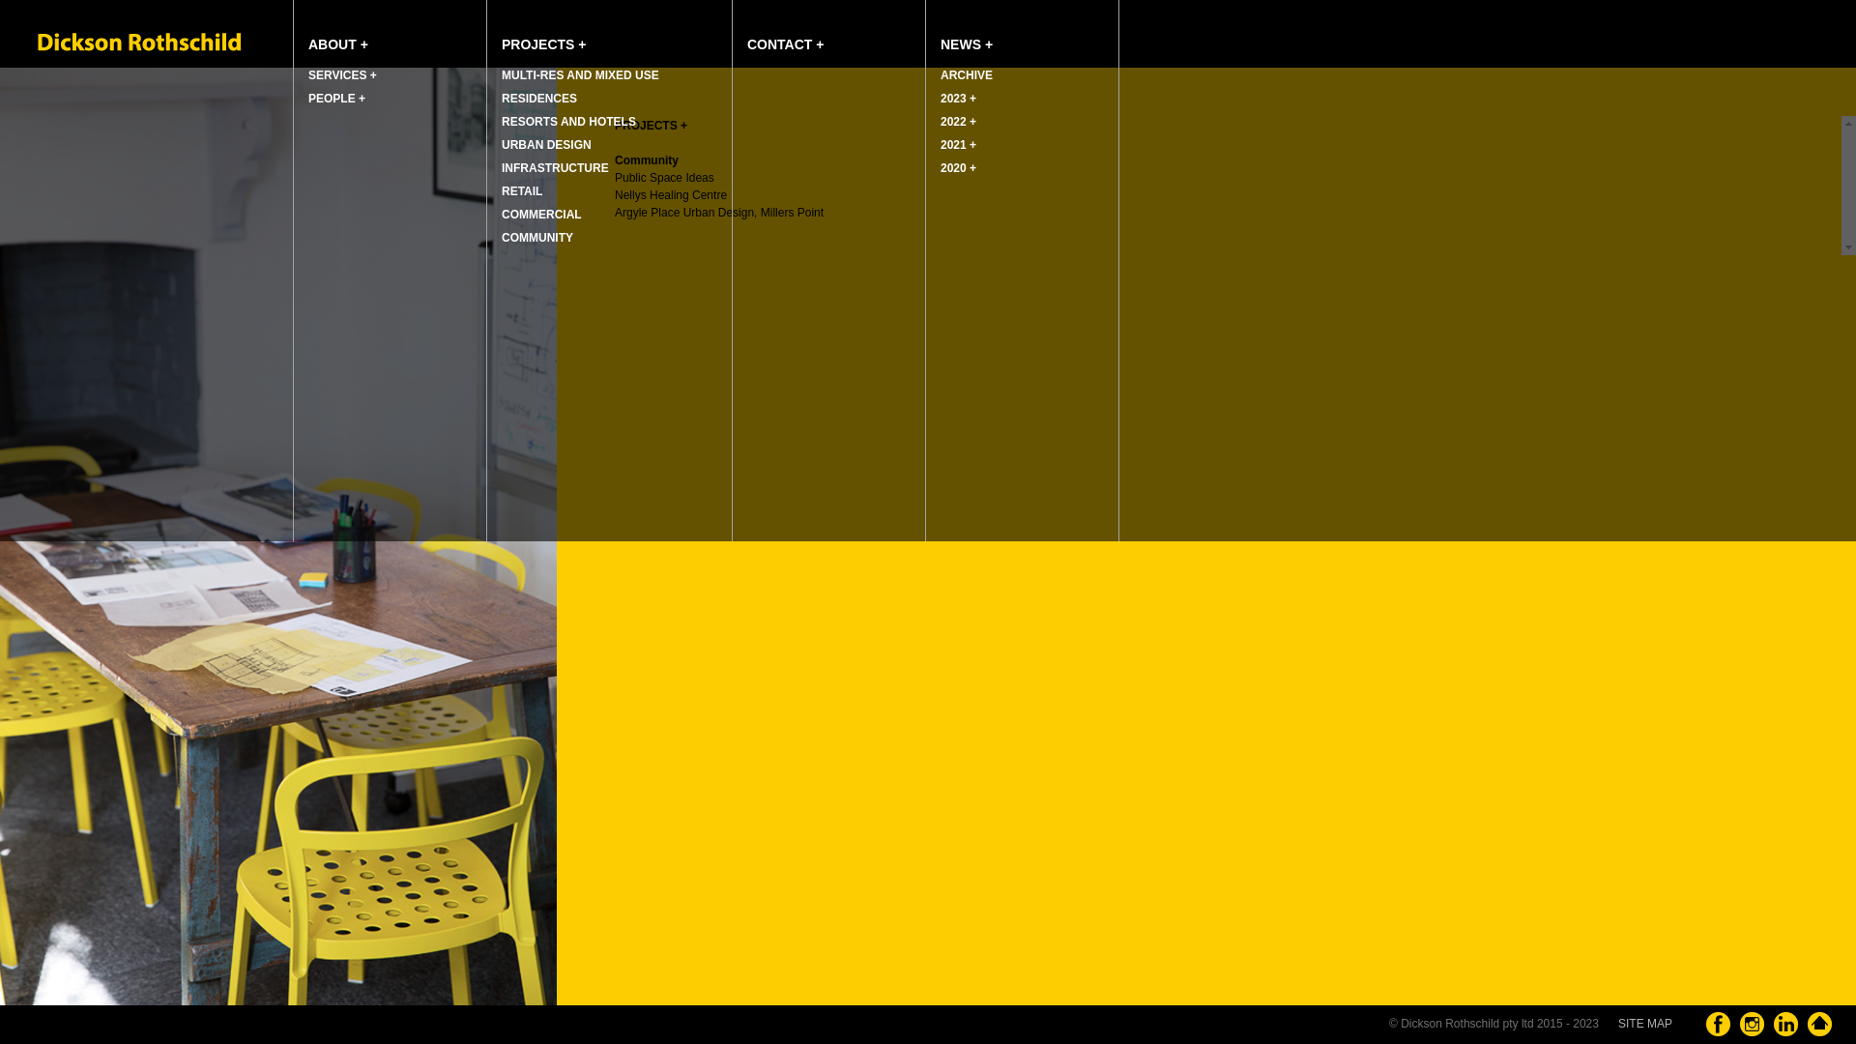  What do you see at coordinates (389, 98) in the screenshot?
I see `'PEOPLE +'` at bounding box center [389, 98].